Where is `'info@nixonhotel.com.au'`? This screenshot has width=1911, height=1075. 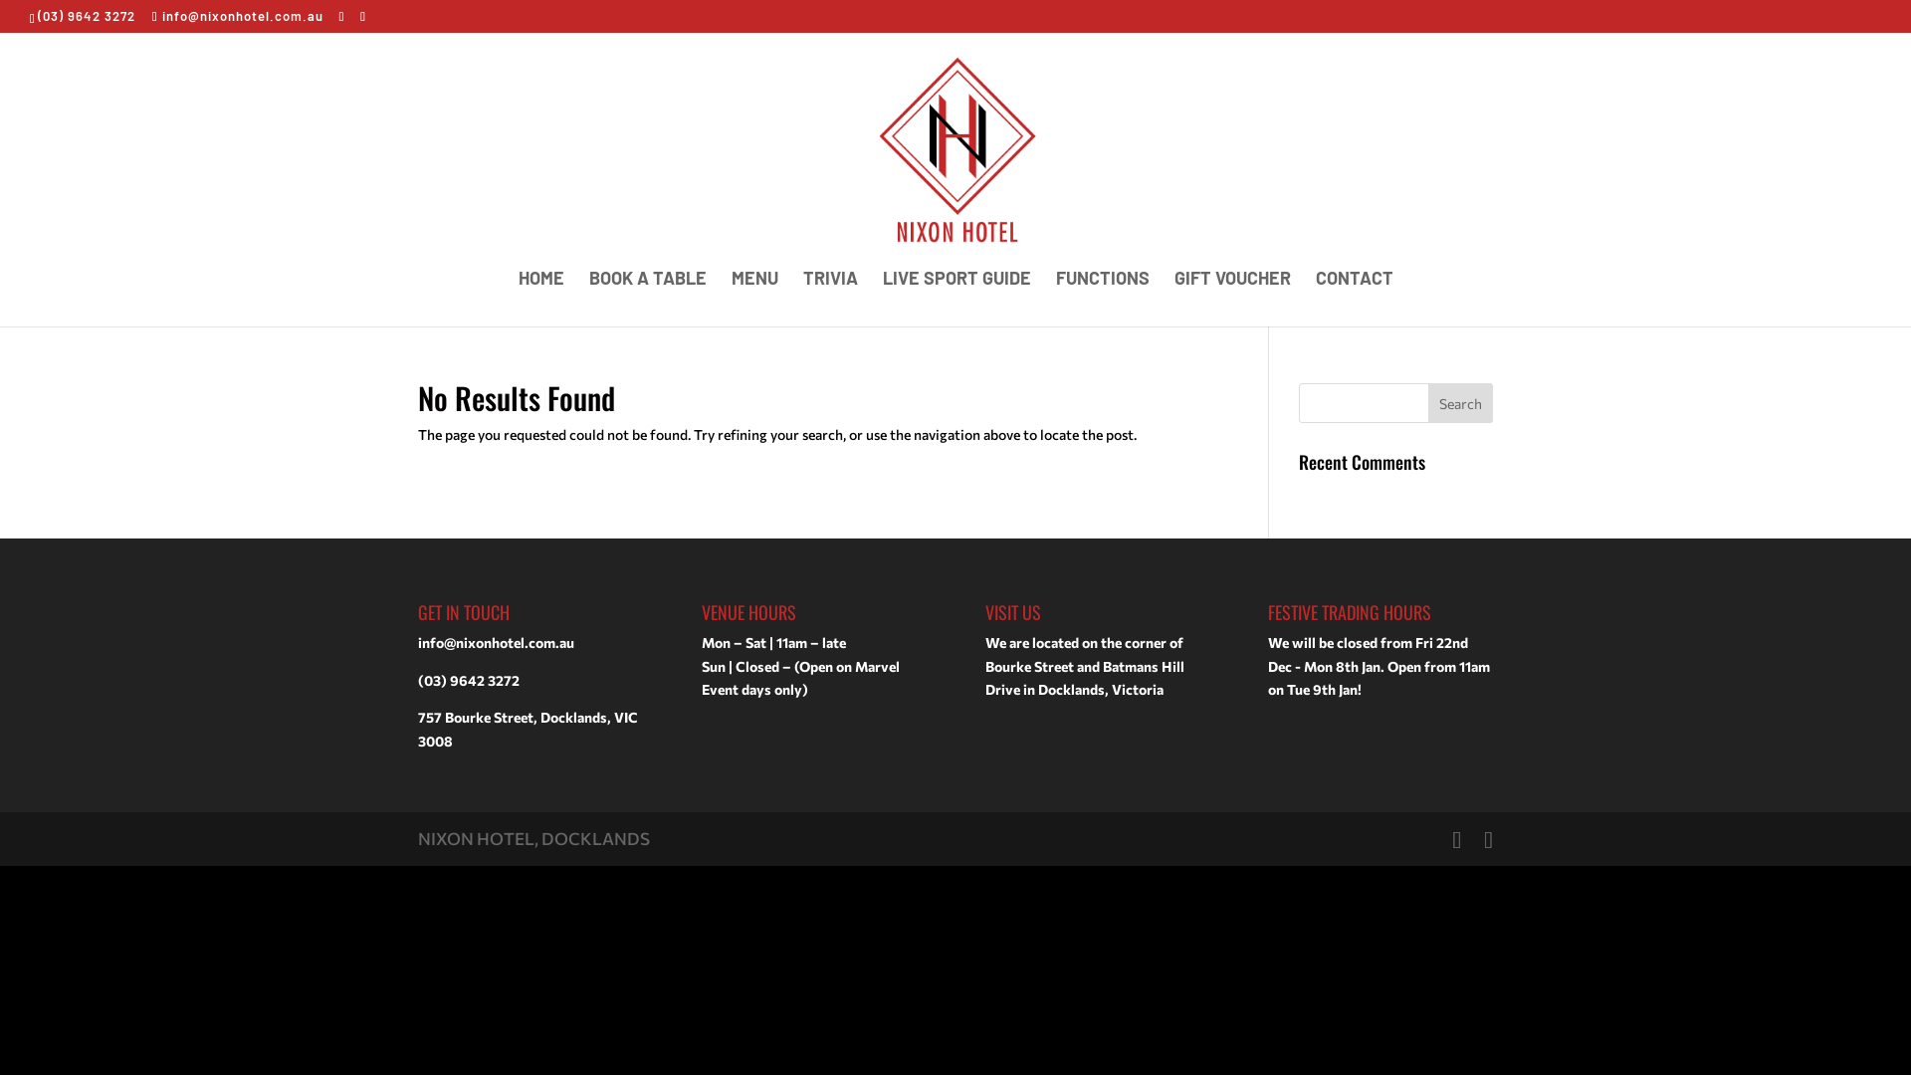
'info@nixonhotel.com.au' is located at coordinates (238, 15).